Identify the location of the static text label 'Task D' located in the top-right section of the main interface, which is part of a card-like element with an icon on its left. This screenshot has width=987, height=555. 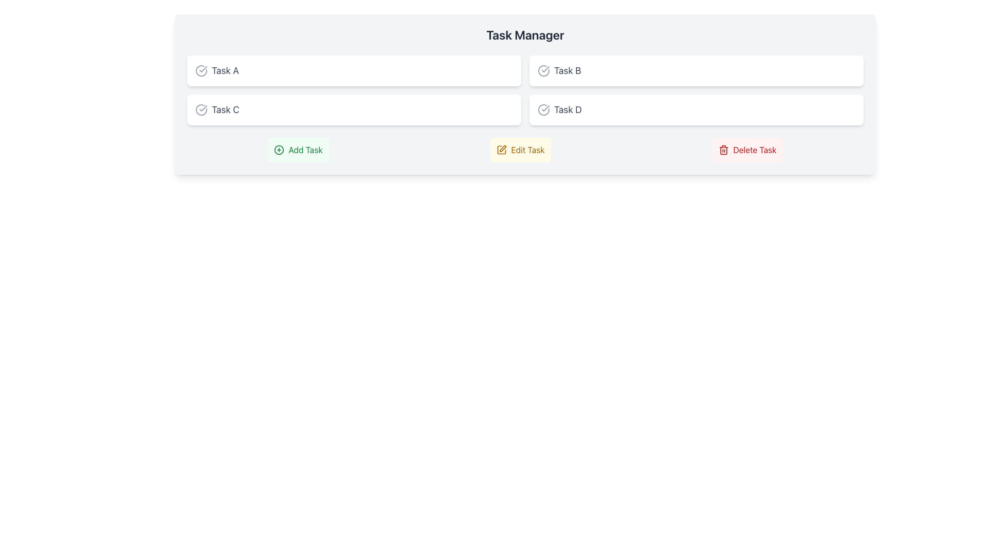
(567, 109).